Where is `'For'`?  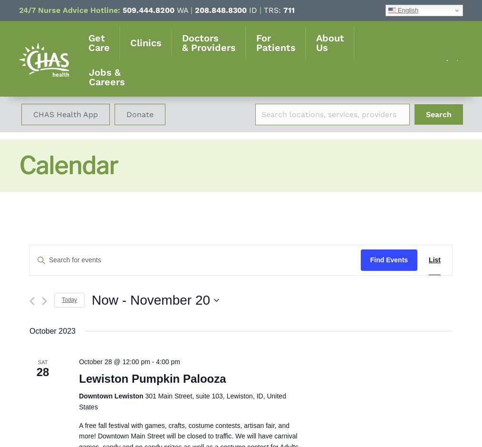
'For' is located at coordinates (263, 38).